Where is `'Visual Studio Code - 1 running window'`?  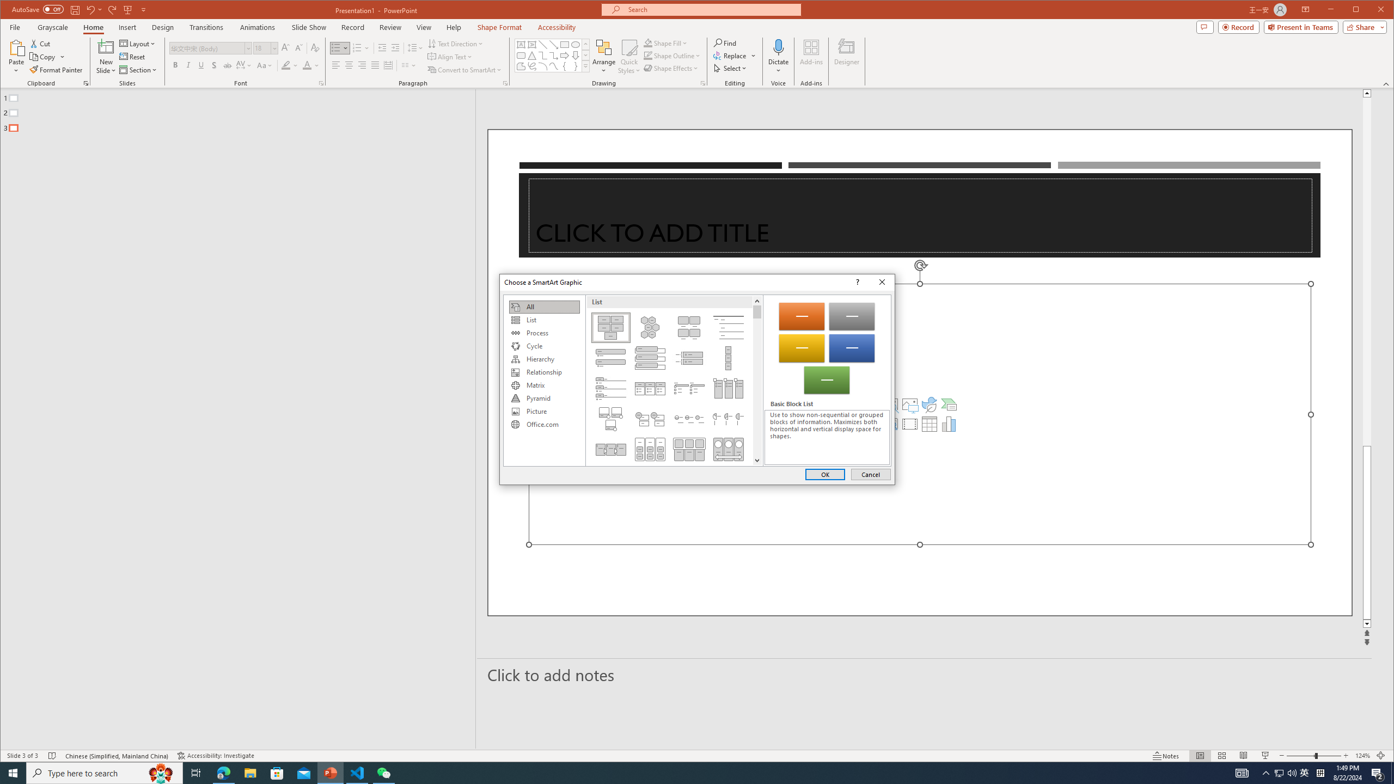 'Visual Studio Code - 1 running window' is located at coordinates (357, 772).